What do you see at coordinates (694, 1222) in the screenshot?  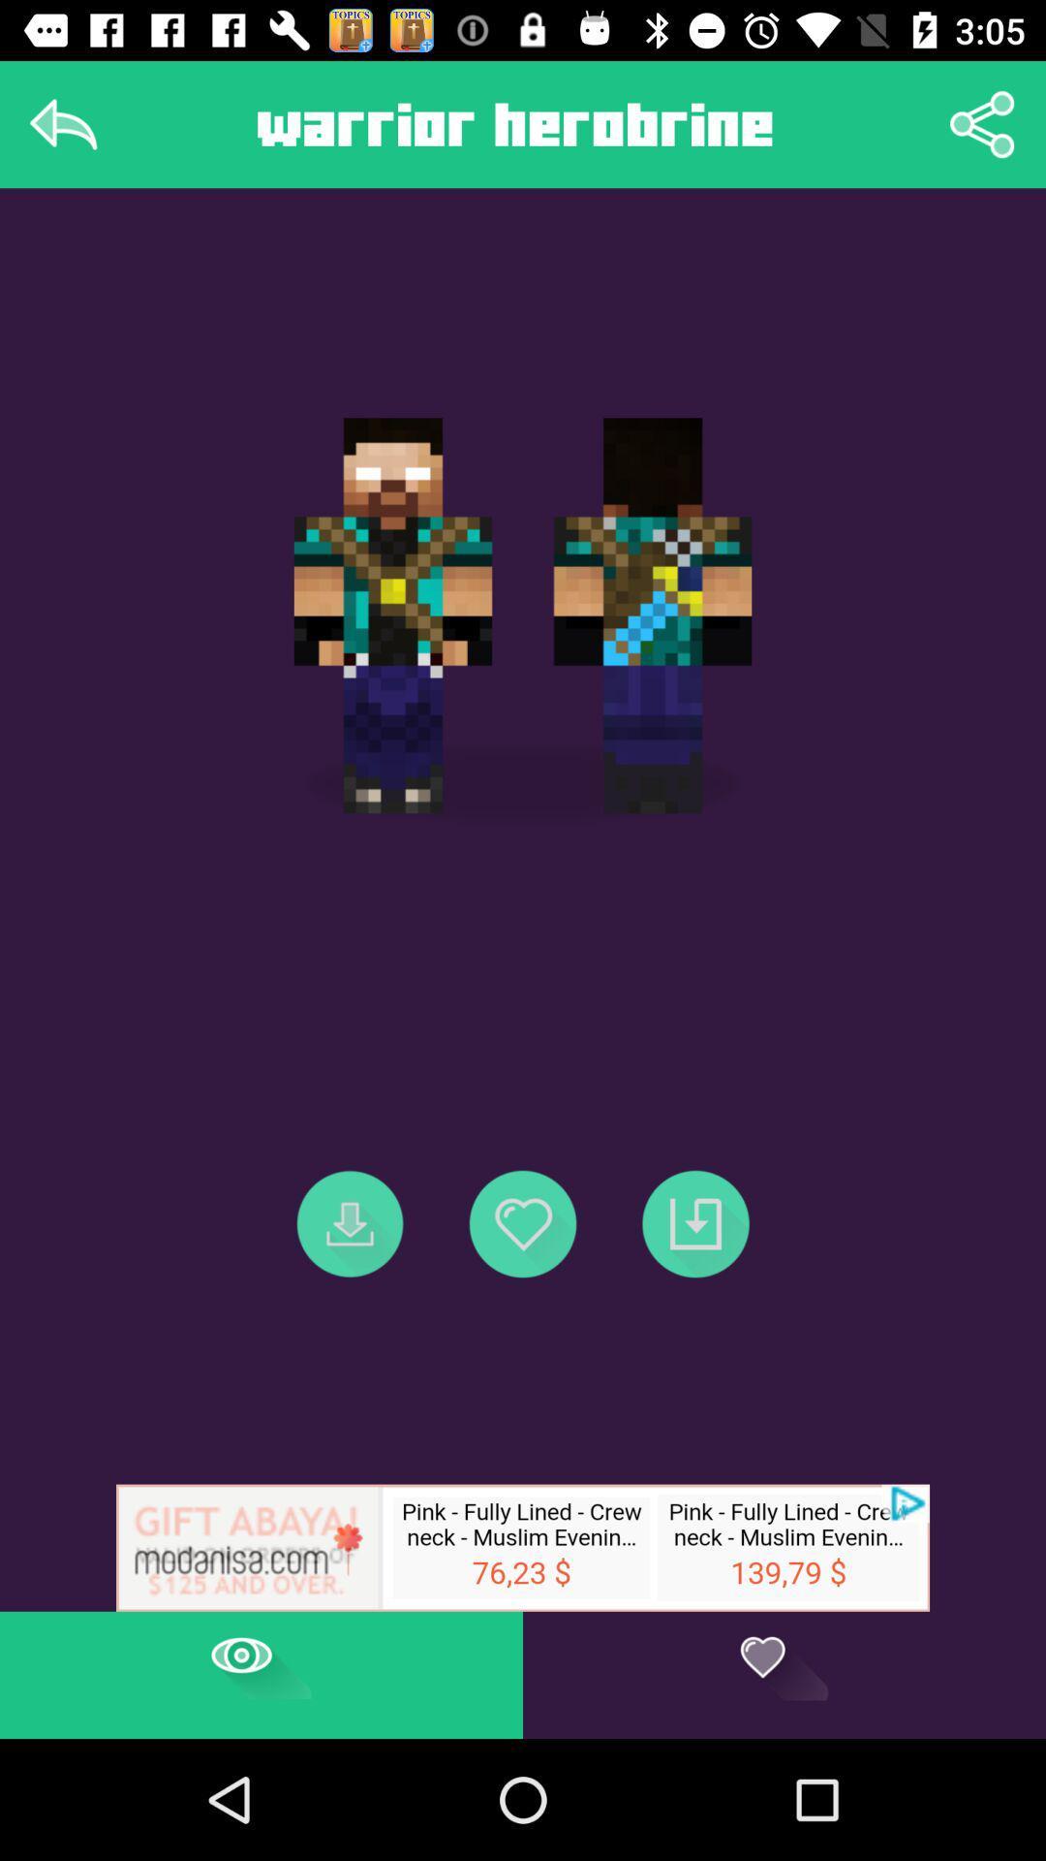 I see `the file_download icon` at bounding box center [694, 1222].